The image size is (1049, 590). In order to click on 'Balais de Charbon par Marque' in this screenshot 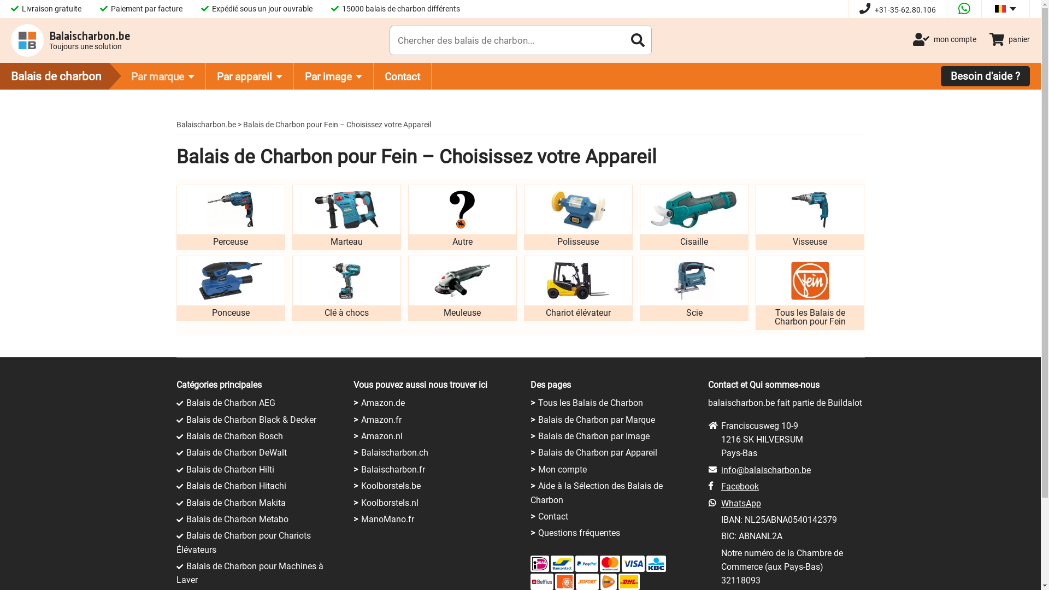, I will do `click(596, 419)`.